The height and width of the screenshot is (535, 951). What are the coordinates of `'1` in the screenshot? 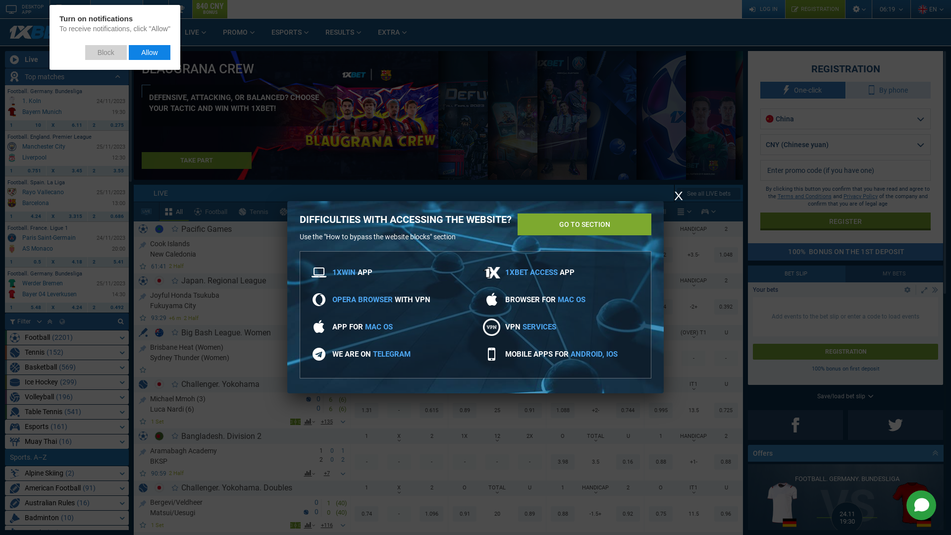 It's located at (25, 215).